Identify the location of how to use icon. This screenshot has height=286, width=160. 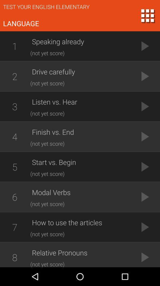
(81, 222).